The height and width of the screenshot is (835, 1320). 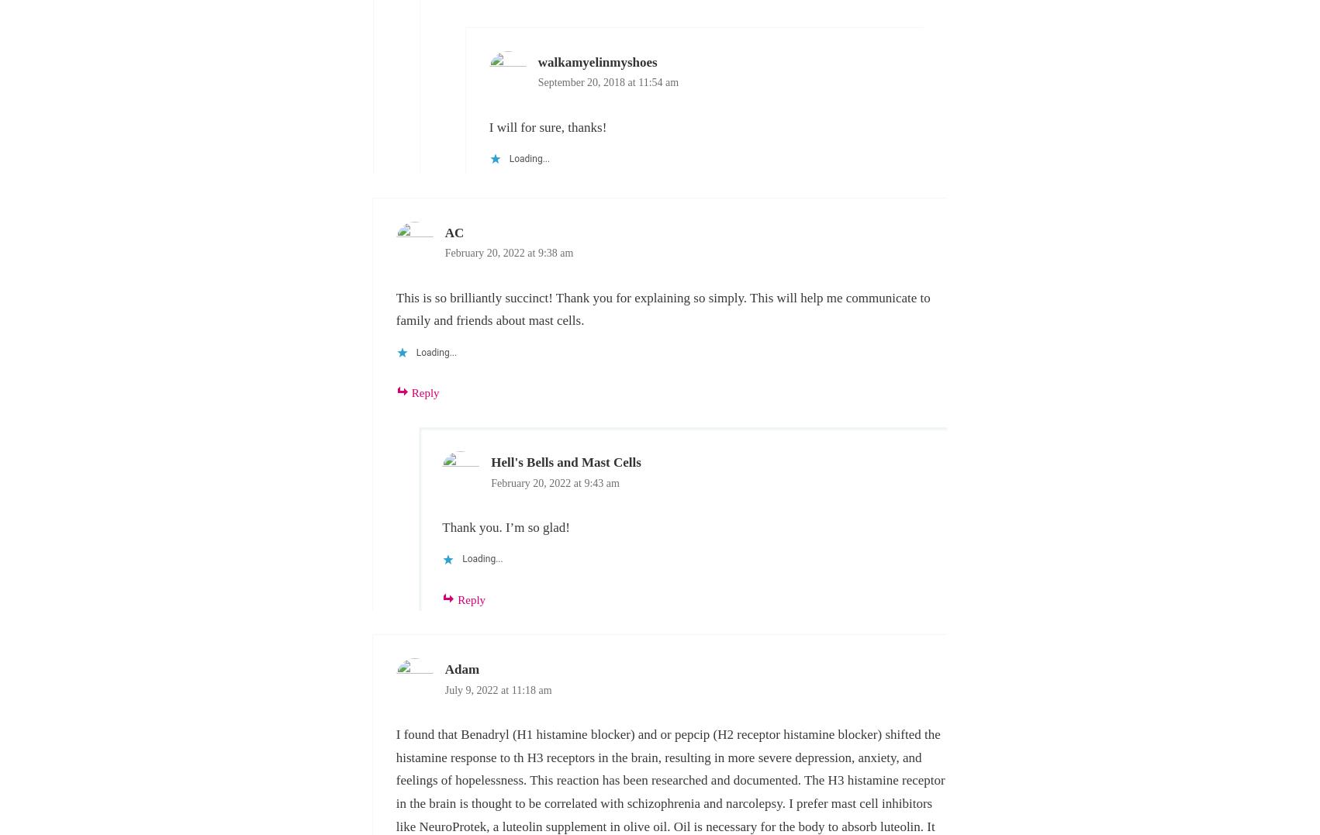 What do you see at coordinates (547, 126) in the screenshot?
I see `'I will for sure, thanks!'` at bounding box center [547, 126].